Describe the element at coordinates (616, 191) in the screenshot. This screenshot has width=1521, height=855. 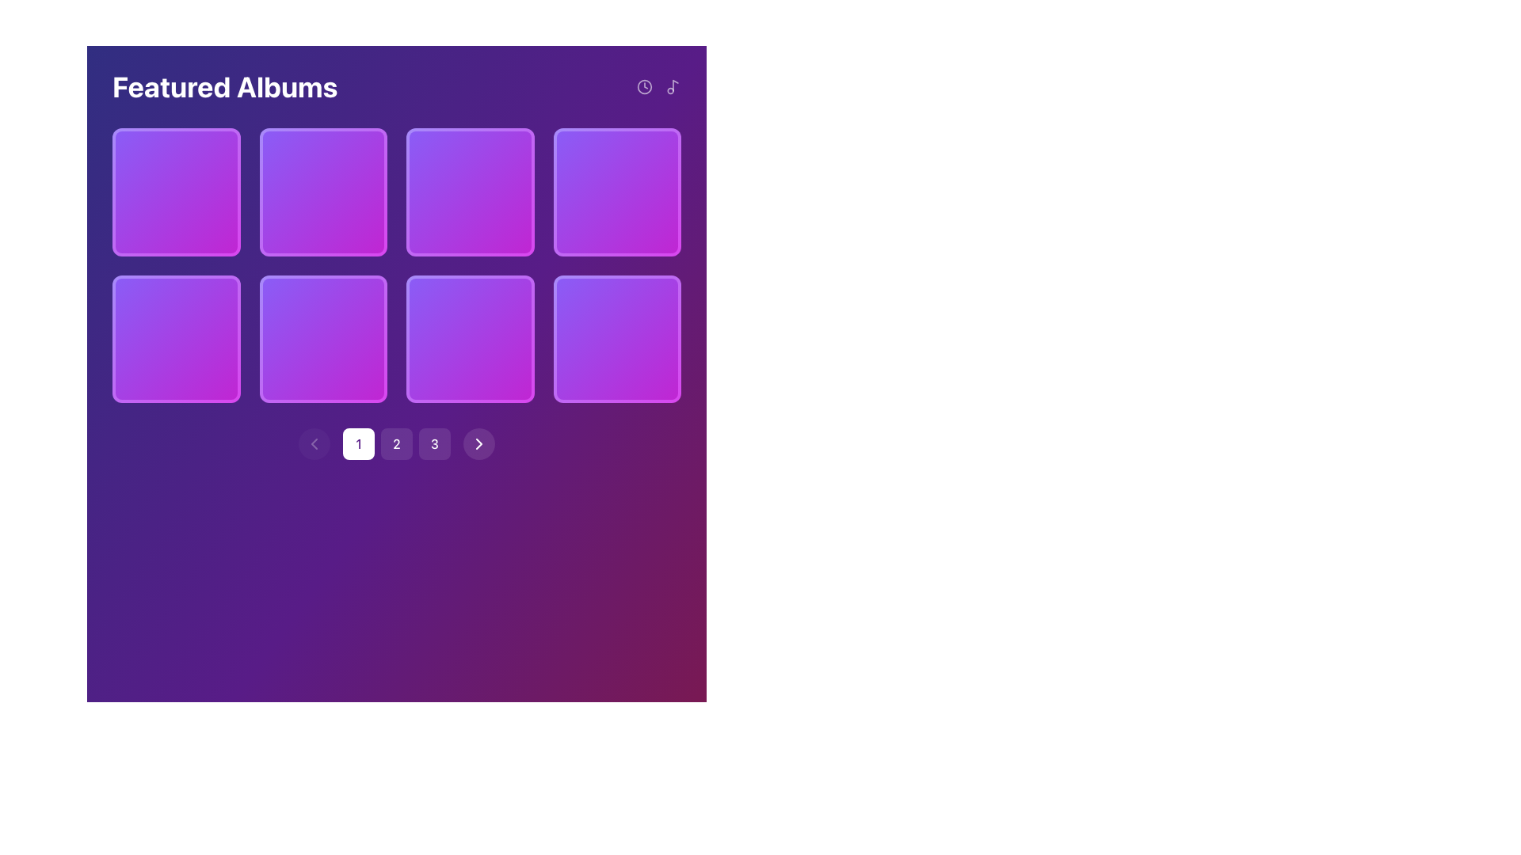
I see `the Album Card in the 'Featured Albums' section, located in the first row and third column` at that location.